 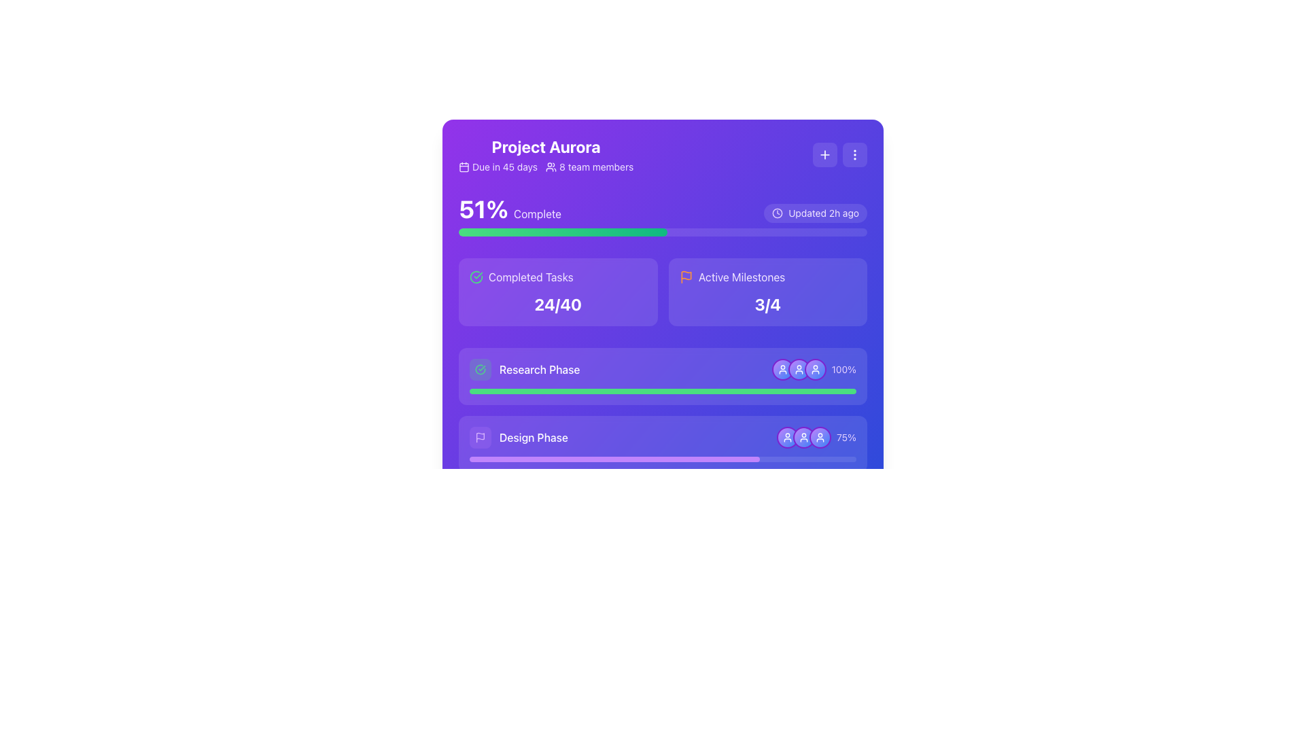 I want to click on the numerical indicator displaying '75%' with a small font size and light purple styling located in the 'Design Phase' section, so click(x=846, y=438).